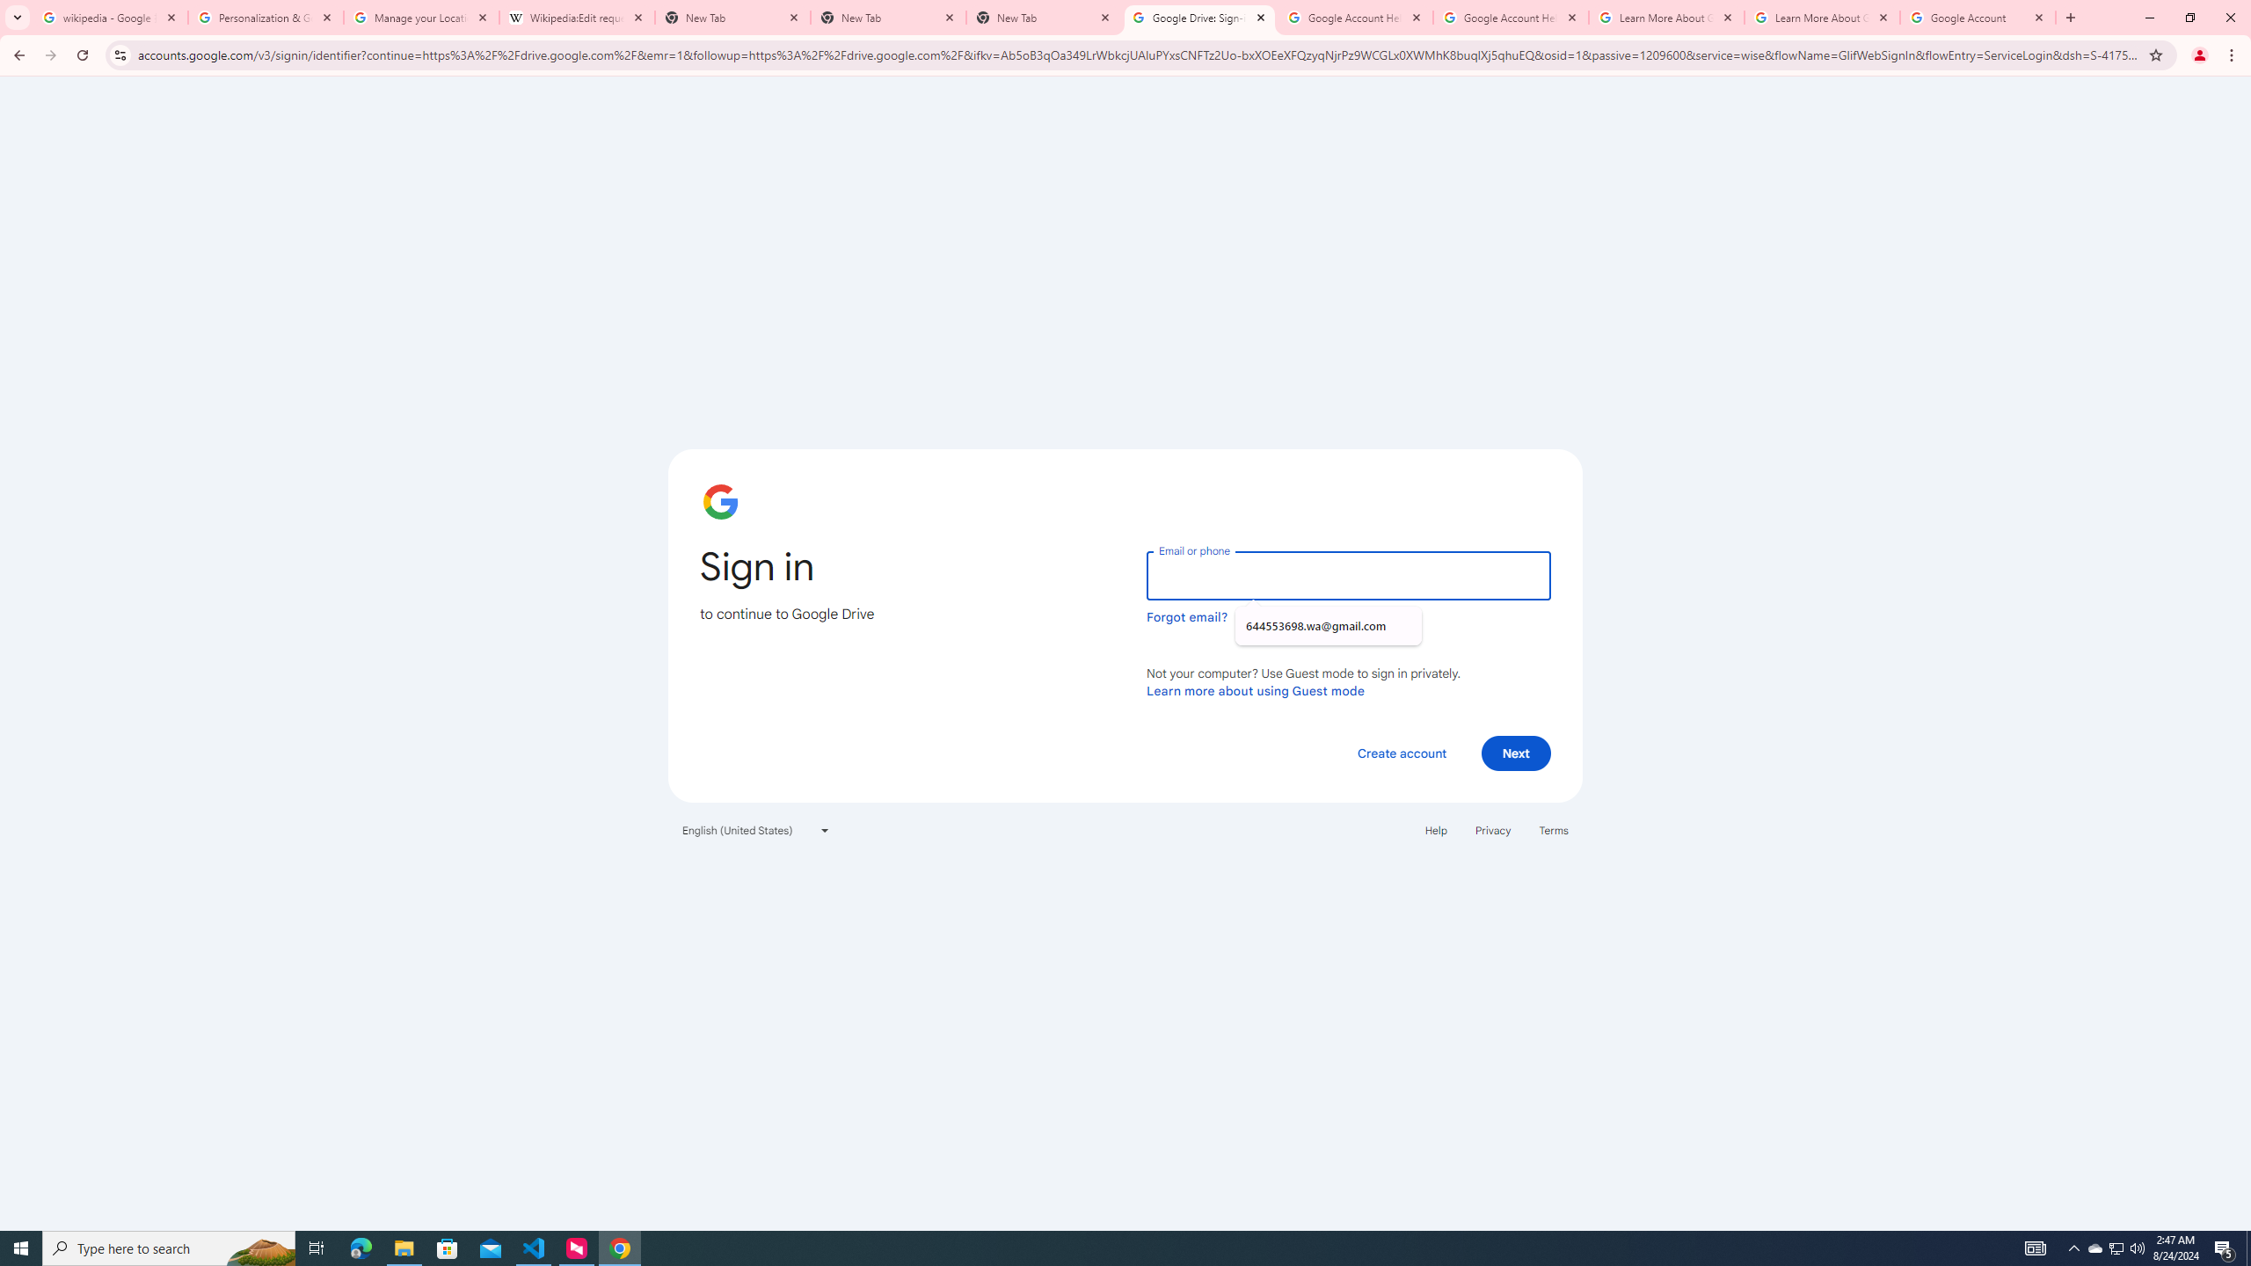  Describe the element at coordinates (1186, 616) in the screenshot. I see `'Forgot email?'` at that location.